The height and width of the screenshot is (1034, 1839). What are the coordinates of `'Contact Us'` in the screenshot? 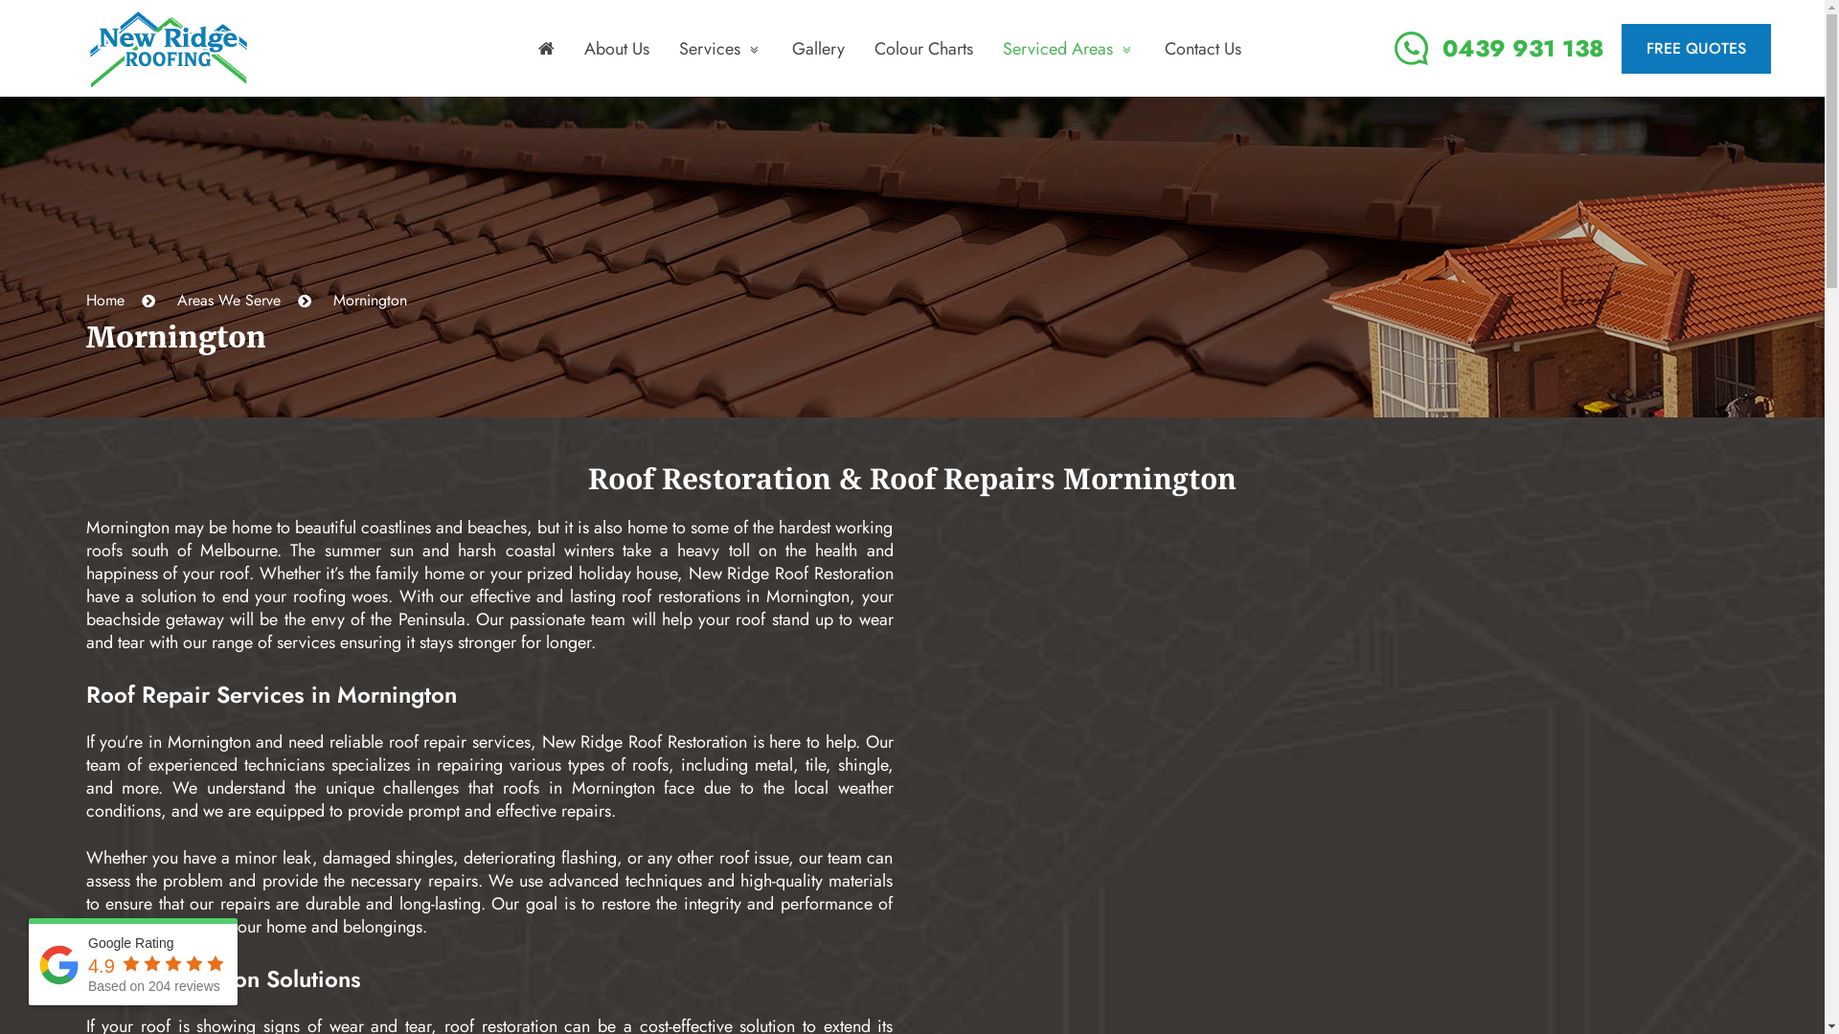 It's located at (1202, 47).